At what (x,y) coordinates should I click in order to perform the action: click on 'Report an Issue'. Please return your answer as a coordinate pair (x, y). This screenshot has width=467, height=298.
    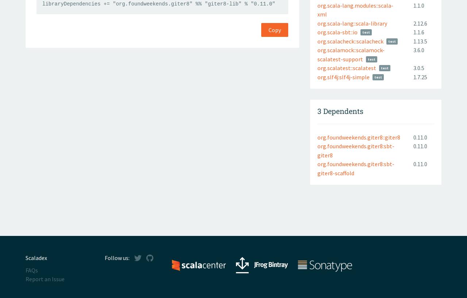
    Looking at the image, I should click on (45, 279).